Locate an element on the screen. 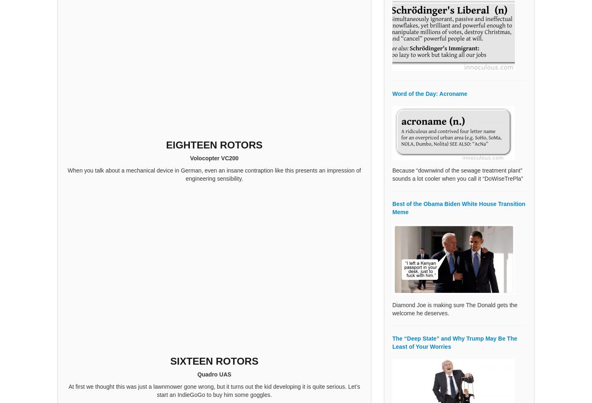  'EIGHTEEN ROTORS' is located at coordinates (214, 145).